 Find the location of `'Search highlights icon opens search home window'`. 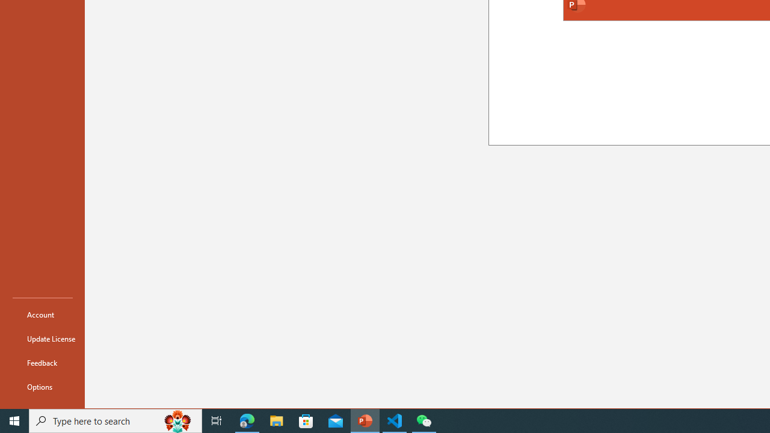

'Search highlights icon opens search home window' is located at coordinates (177, 420).